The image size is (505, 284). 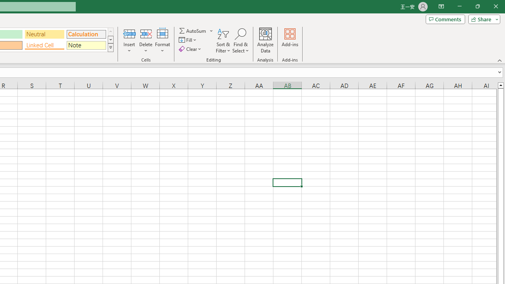 I want to click on 'Calculation', so click(x=86, y=34).